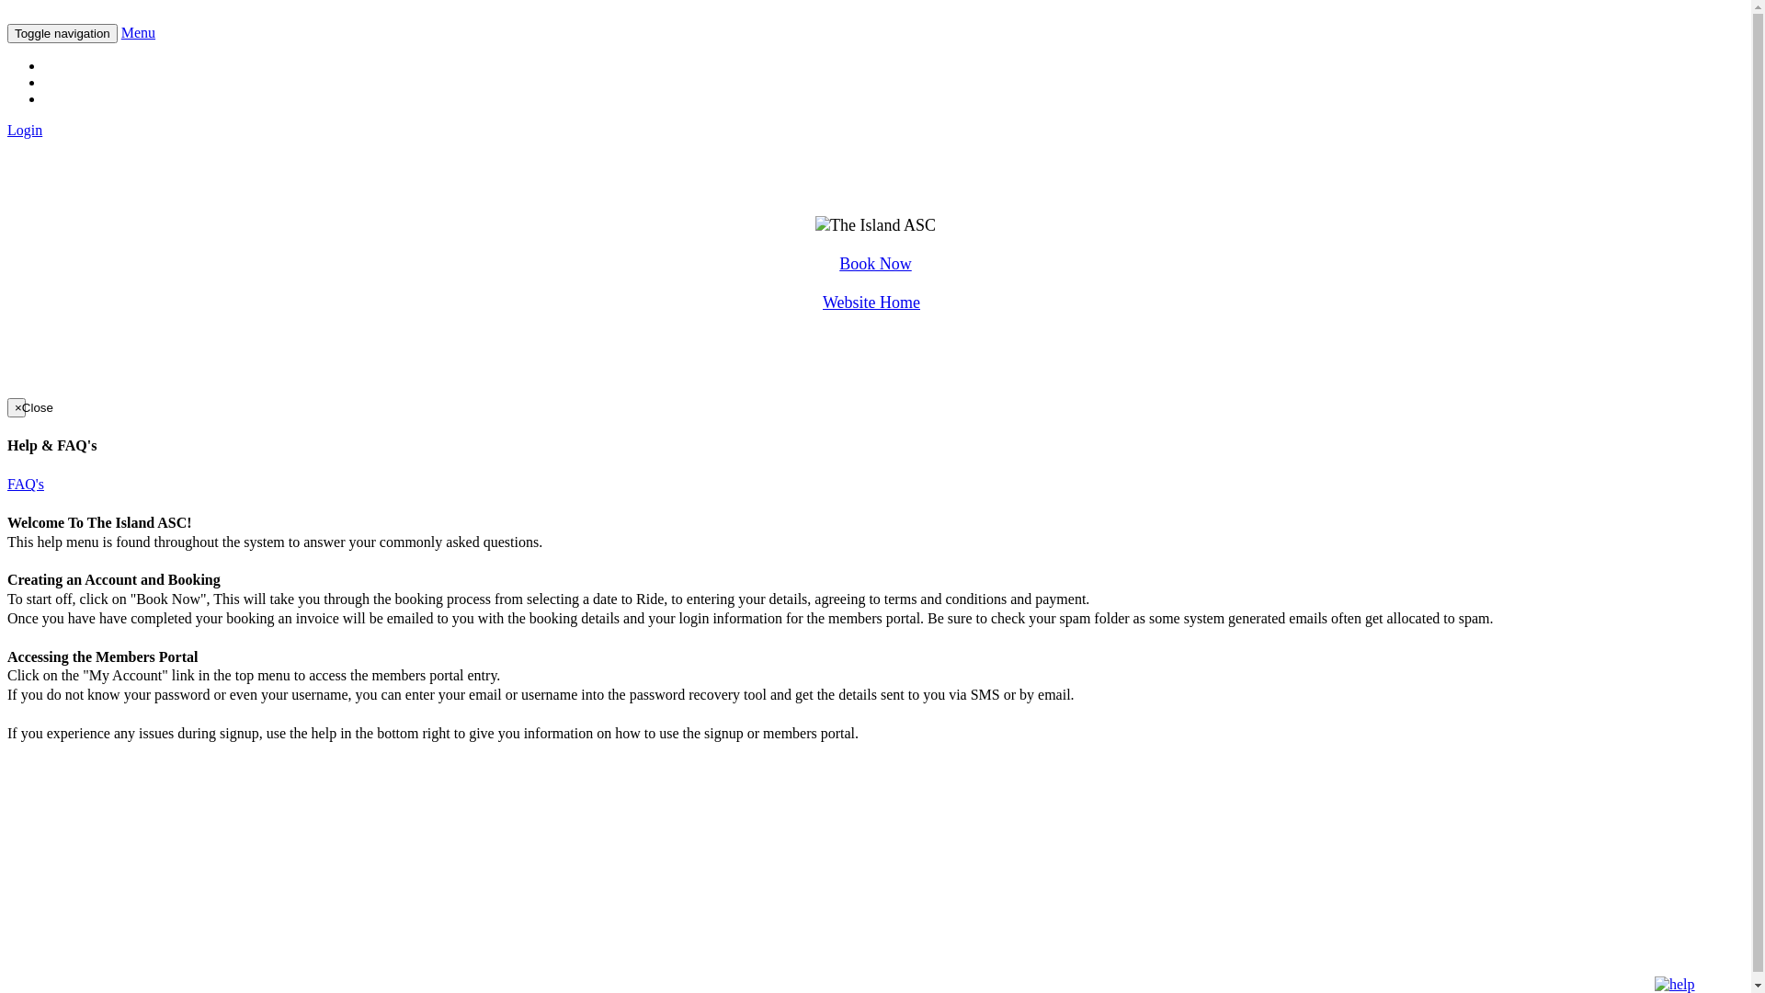 This screenshot has height=993, width=1765. What do you see at coordinates (137, 32) in the screenshot?
I see `'Menu'` at bounding box center [137, 32].